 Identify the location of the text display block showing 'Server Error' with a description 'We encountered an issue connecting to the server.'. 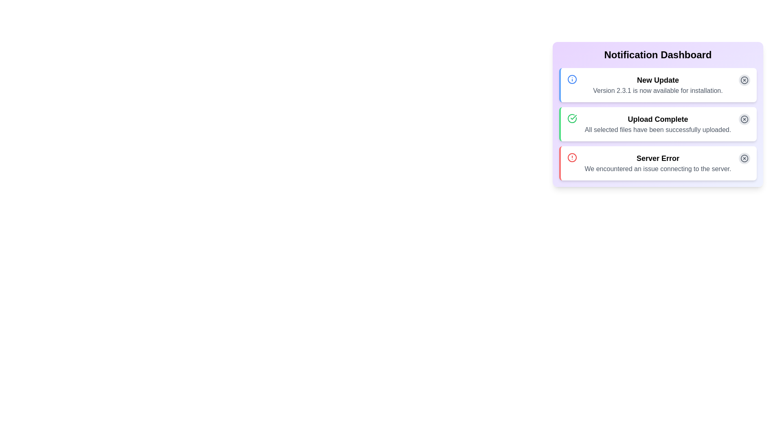
(658, 163).